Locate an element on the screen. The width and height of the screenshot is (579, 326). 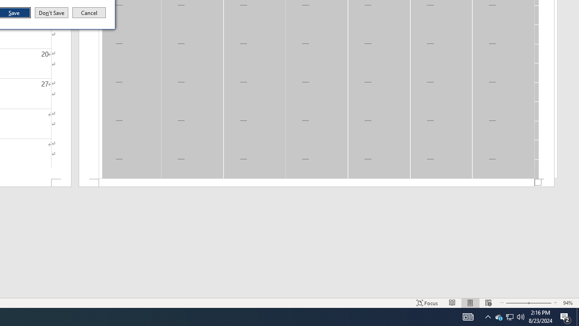
'Footer -Section 1-' is located at coordinates (317, 183).